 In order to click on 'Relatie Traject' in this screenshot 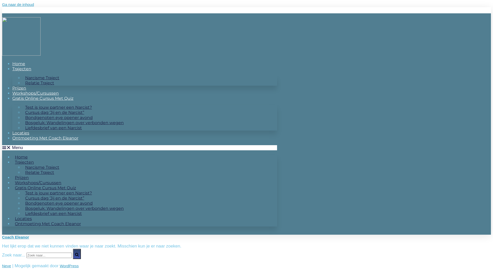, I will do `click(22, 83)`.